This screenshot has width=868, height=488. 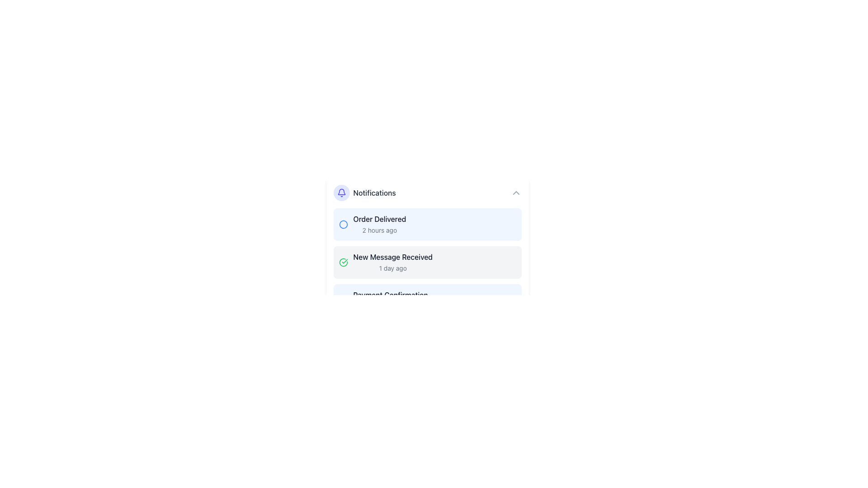 What do you see at coordinates (343, 224) in the screenshot?
I see `the small circular shape with a blue stroke, part of the 'Order Delivered' notification icon, located on the left-hand side of the notification item` at bounding box center [343, 224].